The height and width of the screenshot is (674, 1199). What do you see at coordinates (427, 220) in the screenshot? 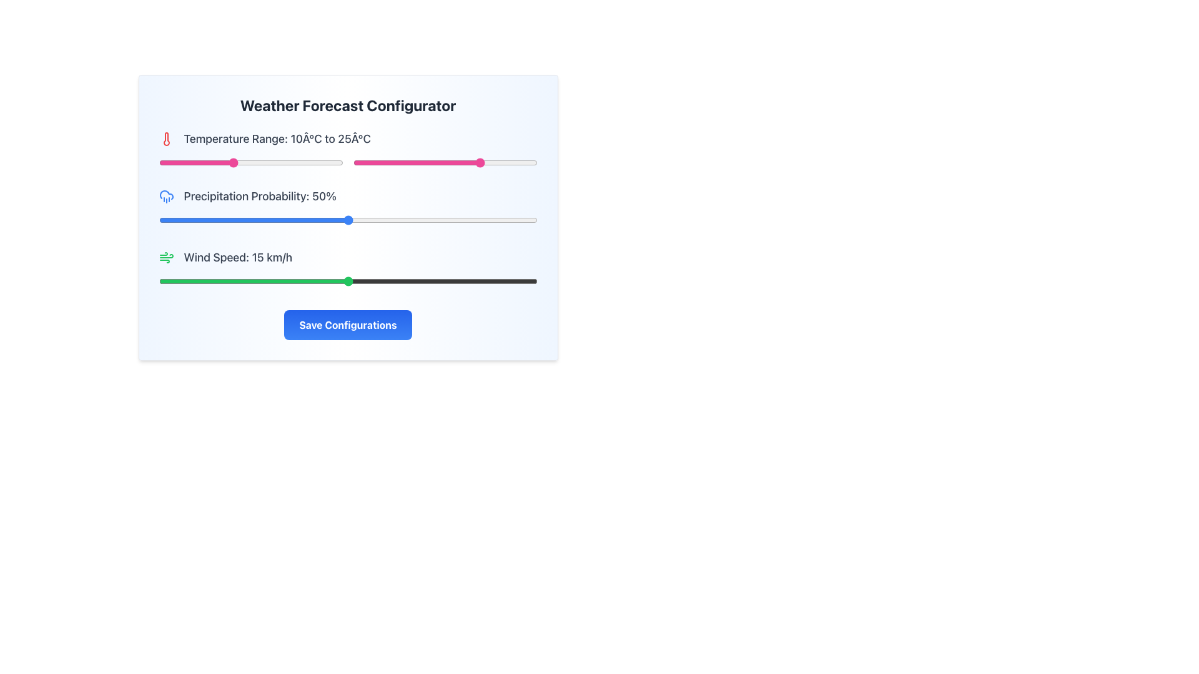
I see `the precipitation probability` at bounding box center [427, 220].